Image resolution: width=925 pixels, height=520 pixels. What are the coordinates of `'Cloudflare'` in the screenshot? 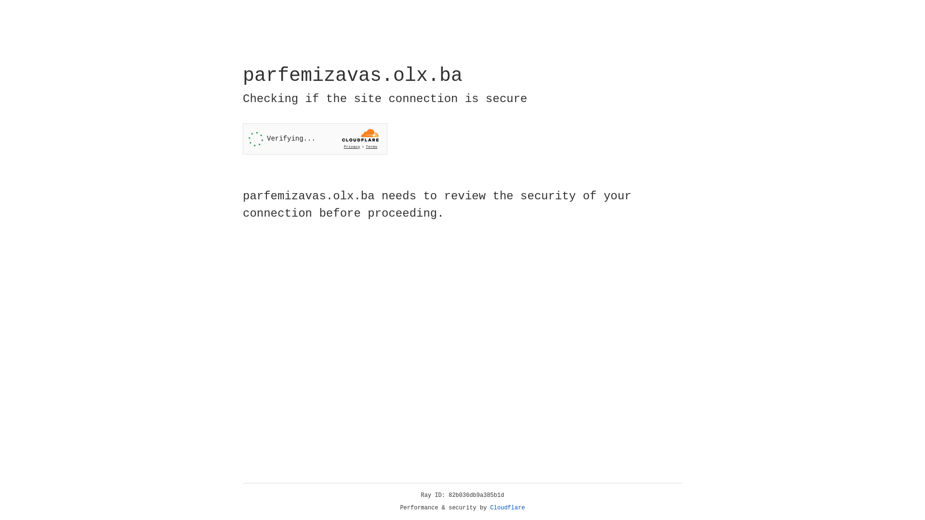 It's located at (507, 507).